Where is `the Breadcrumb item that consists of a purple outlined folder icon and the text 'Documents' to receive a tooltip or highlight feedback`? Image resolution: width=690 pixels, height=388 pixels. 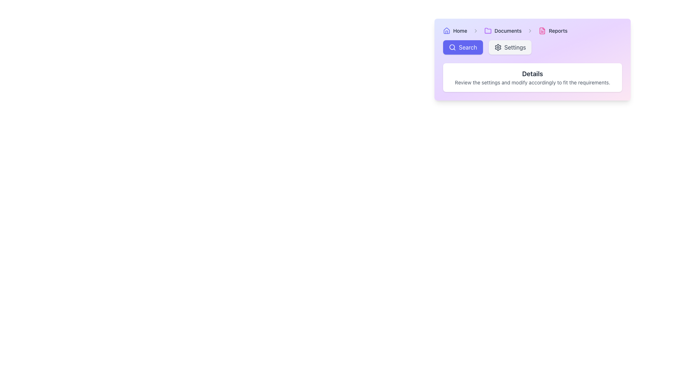
the Breadcrumb item that consists of a purple outlined folder icon and the text 'Documents' to receive a tooltip or highlight feedback is located at coordinates (502, 30).